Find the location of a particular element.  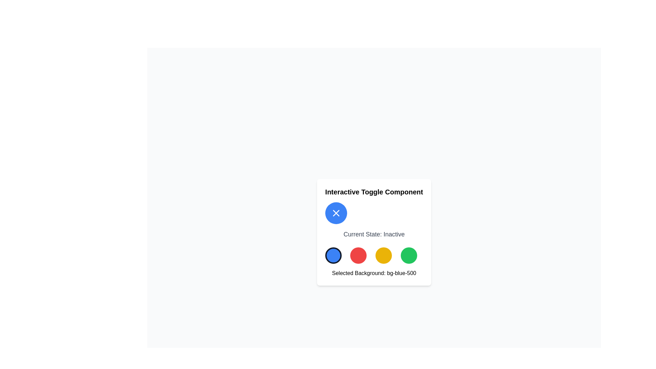

the second circular button with a solid red background and a thin transparent border for keyboard accessibility is located at coordinates (358, 256).